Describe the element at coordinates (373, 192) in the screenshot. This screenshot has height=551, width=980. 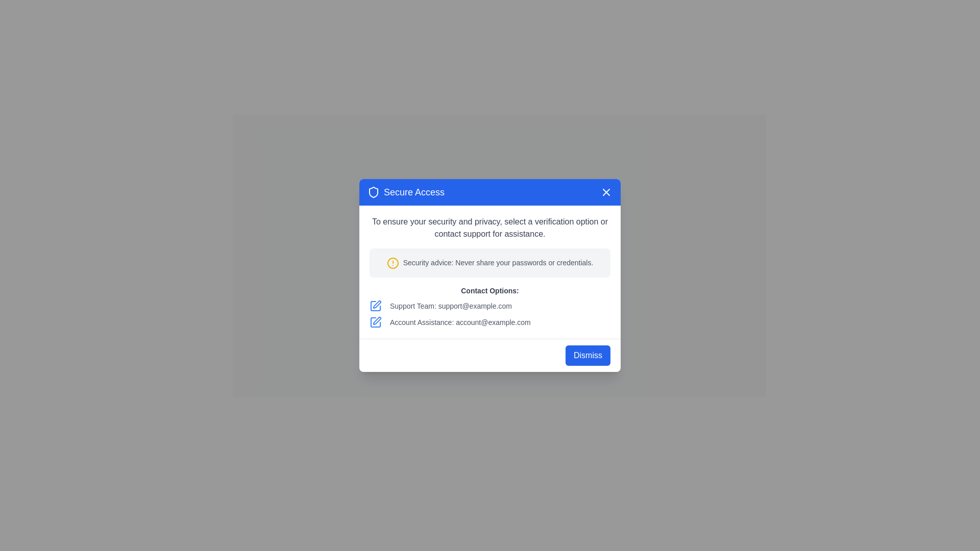
I see `the minimalist shield icon located to the left of the 'Secure Access' text in the header of the modal dialog` at that location.